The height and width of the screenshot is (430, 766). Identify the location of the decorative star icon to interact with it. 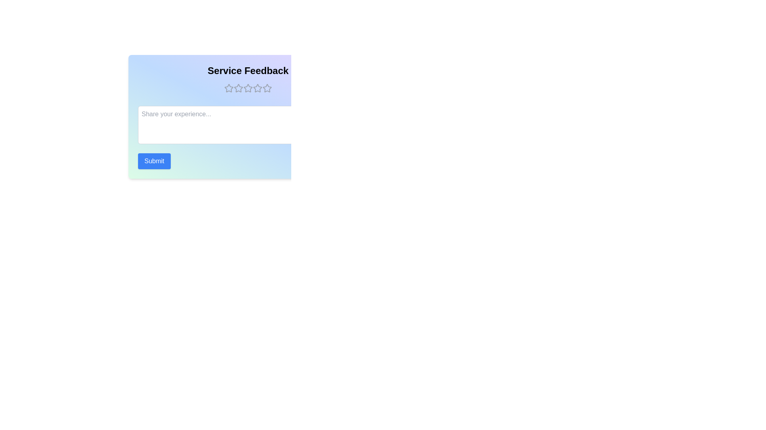
(229, 88).